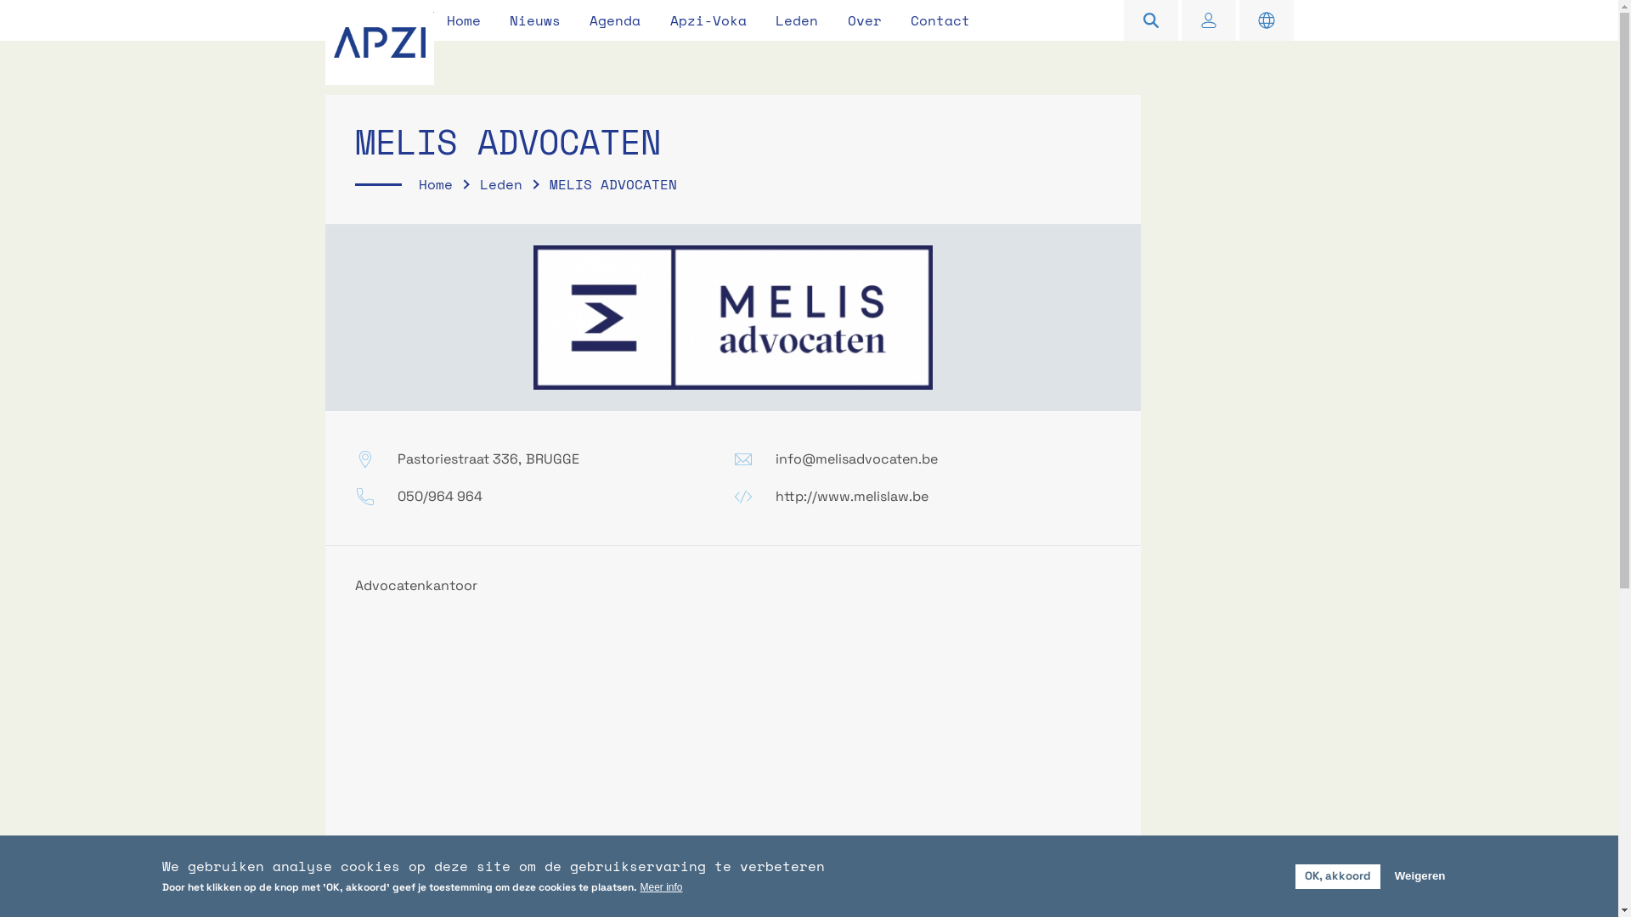 The width and height of the screenshot is (1631, 917). Describe the element at coordinates (614, 20) in the screenshot. I see `'Agenda'` at that location.